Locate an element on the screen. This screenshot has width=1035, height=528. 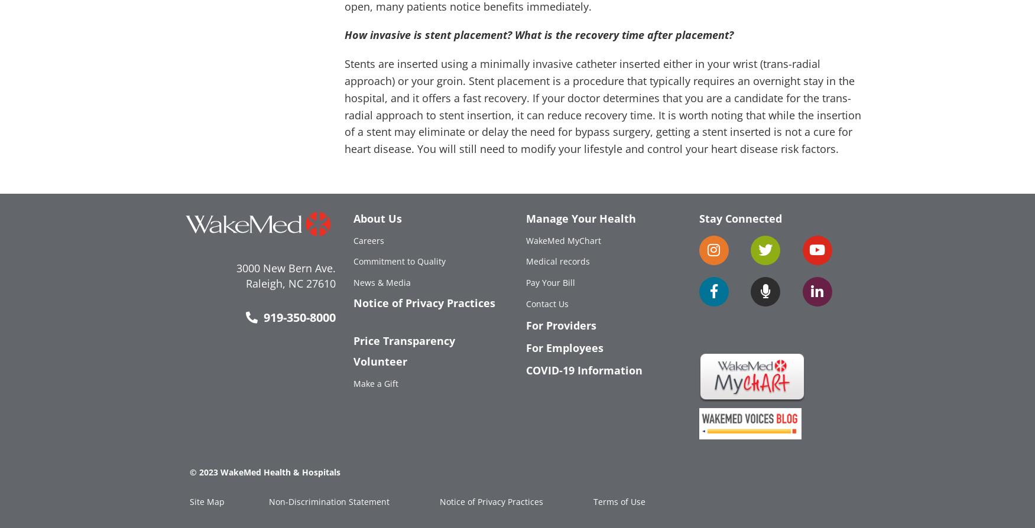
'News & Media' is located at coordinates (381, 282).